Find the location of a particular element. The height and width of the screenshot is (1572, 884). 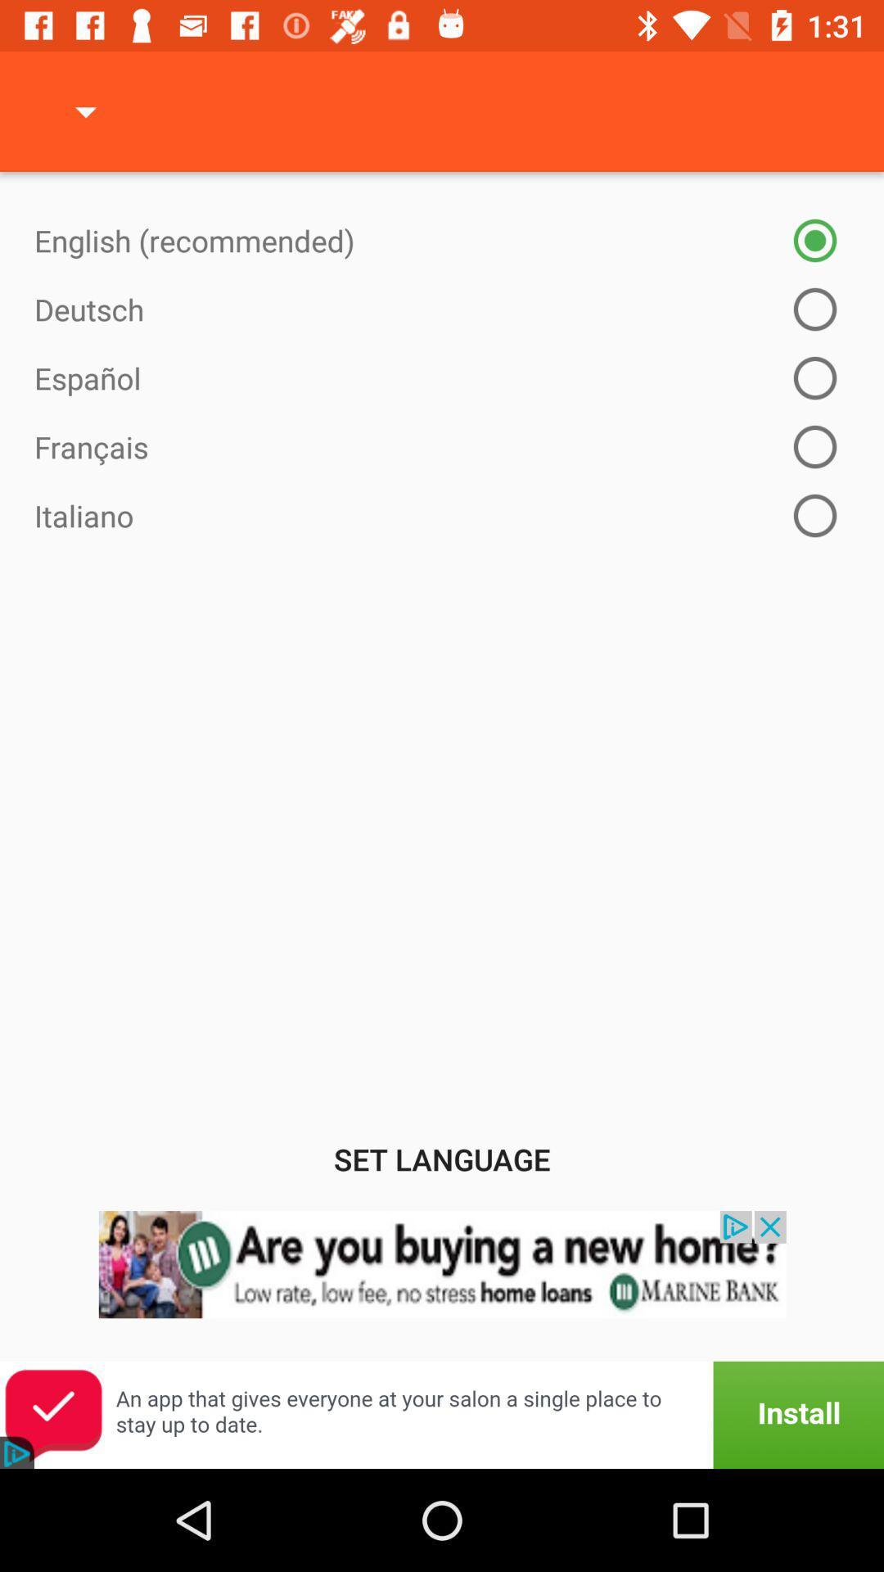

open an advertisements is located at coordinates (442, 1414).